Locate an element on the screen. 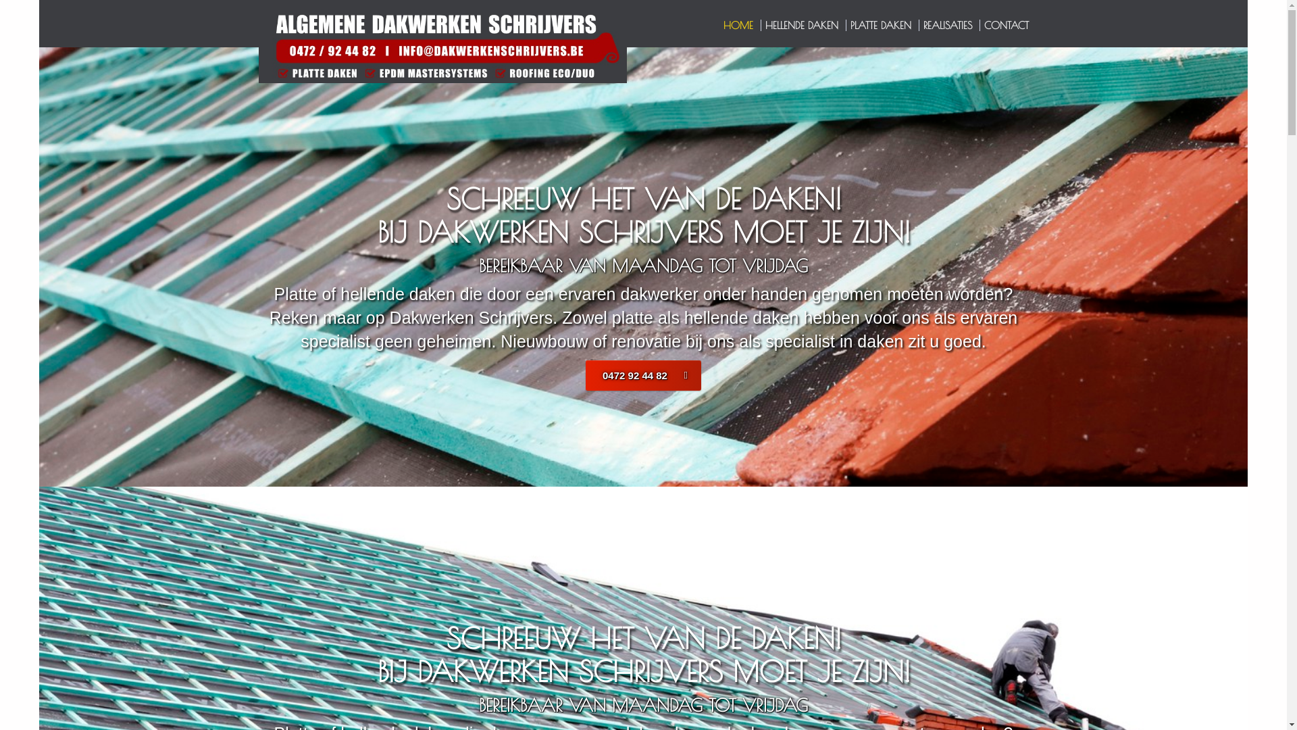 The image size is (1297, 730). 'HELLENDE DAKEN' is located at coordinates (803, 25).